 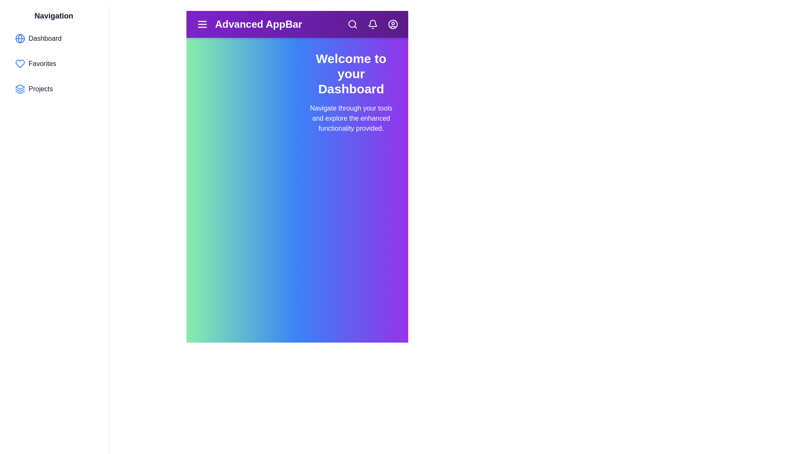 I want to click on the navigation item Dashboard, so click(x=53, y=39).